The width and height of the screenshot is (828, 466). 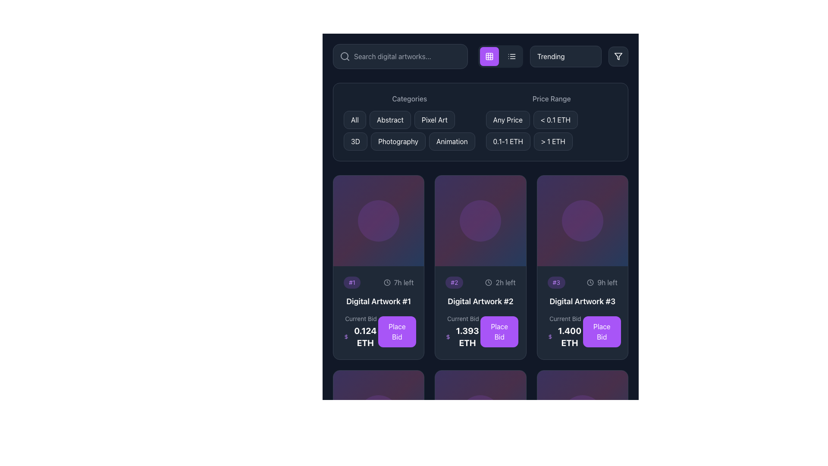 I want to click on the small purple dollar sign icon that is positioned to the left of the numeric value '1.400 ETH' in the pricing details for 'Digital Artwork #3.', so click(x=550, y=337).